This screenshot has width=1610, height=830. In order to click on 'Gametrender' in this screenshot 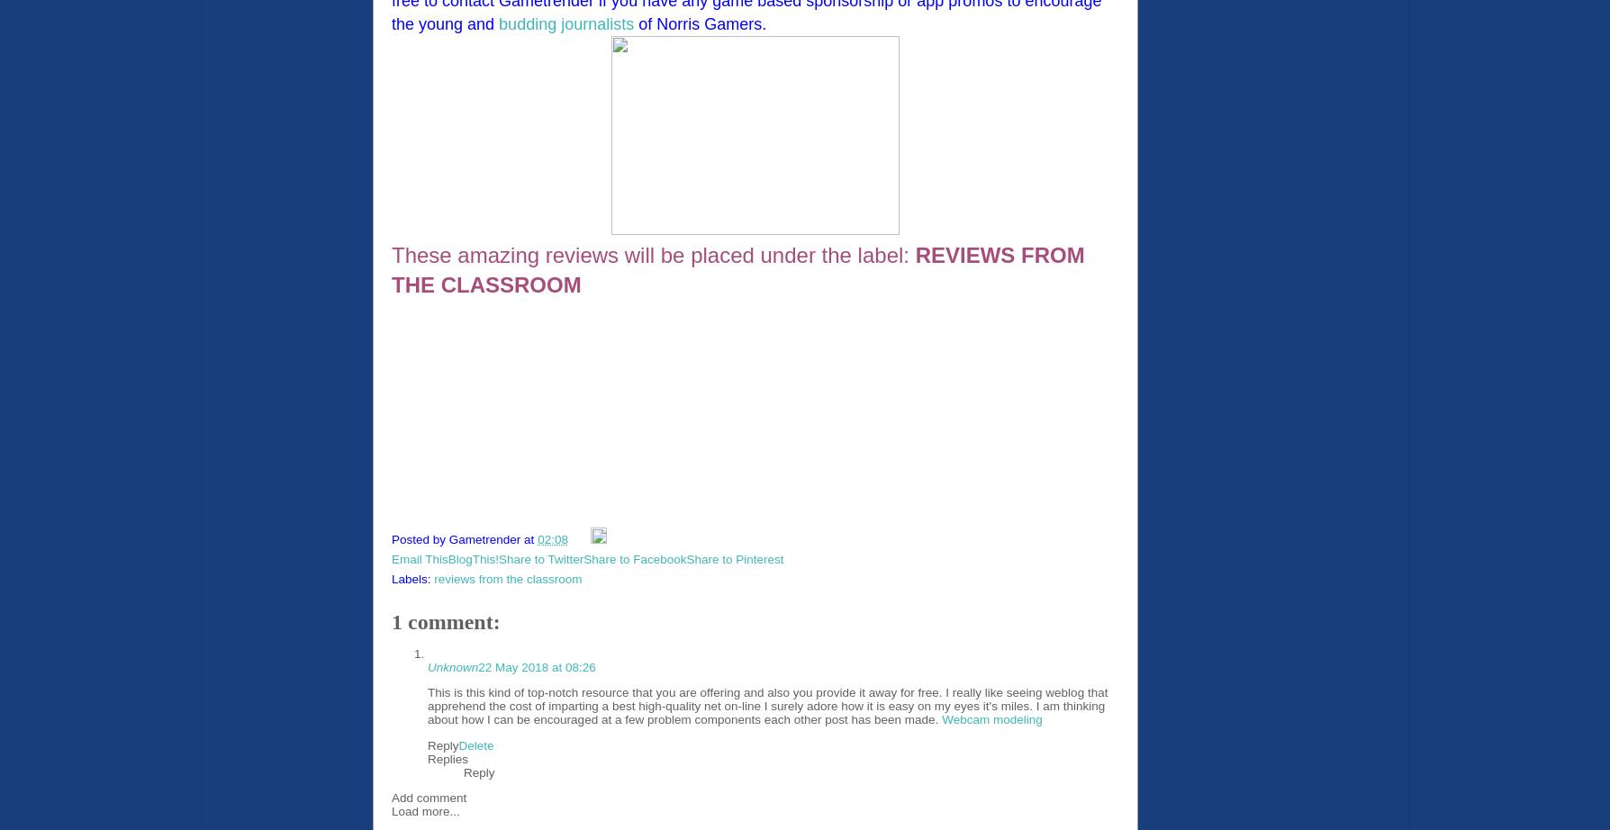, I will do `click(484, 539)`.